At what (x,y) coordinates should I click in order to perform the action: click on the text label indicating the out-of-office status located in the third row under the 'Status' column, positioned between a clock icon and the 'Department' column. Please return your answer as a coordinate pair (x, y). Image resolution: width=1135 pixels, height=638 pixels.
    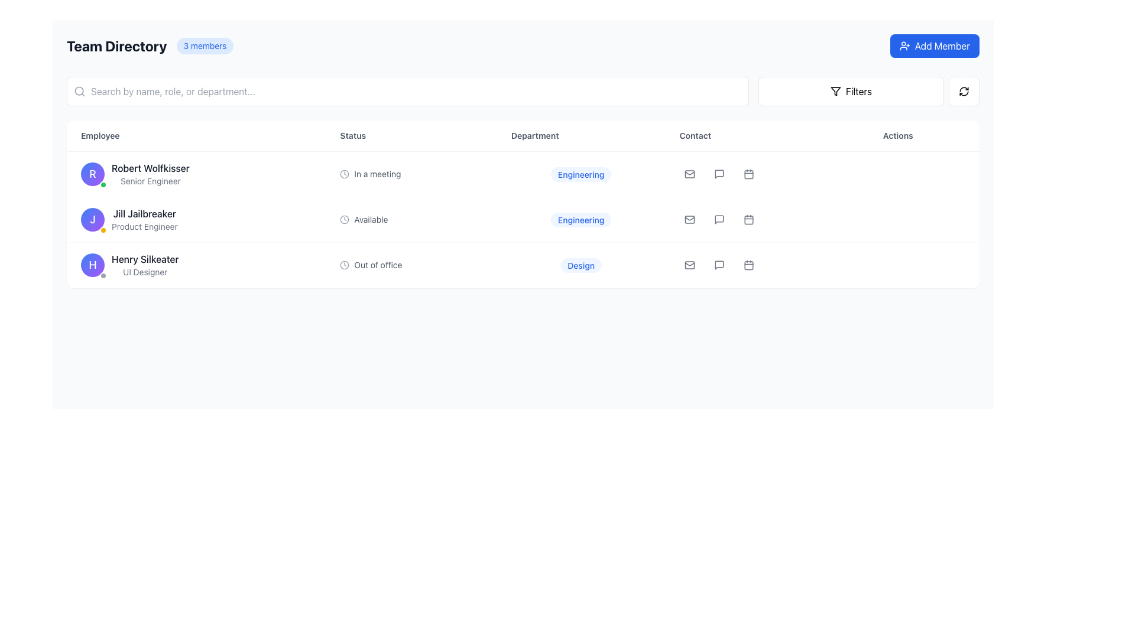
    Looking at the image, I should click on (377, 264).